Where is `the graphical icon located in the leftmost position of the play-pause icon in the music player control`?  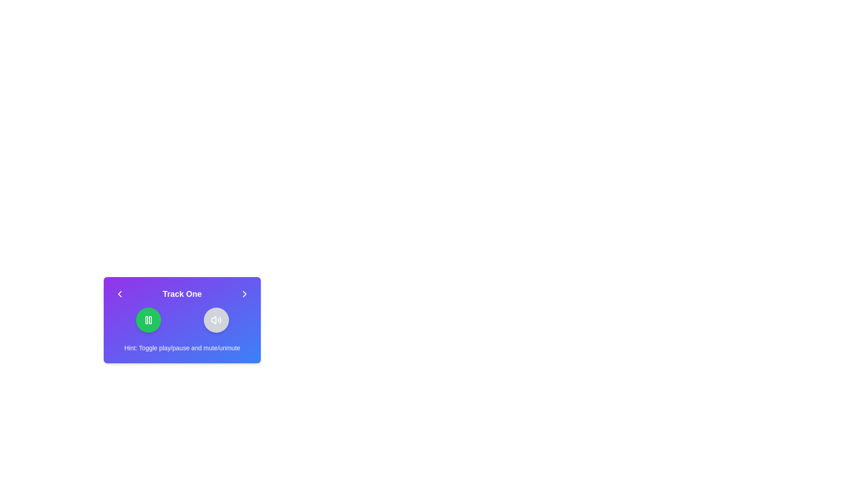
the graphical icon located in the leftmost position of the play-pause icon in the music player control is located at coordinates (146, 320).